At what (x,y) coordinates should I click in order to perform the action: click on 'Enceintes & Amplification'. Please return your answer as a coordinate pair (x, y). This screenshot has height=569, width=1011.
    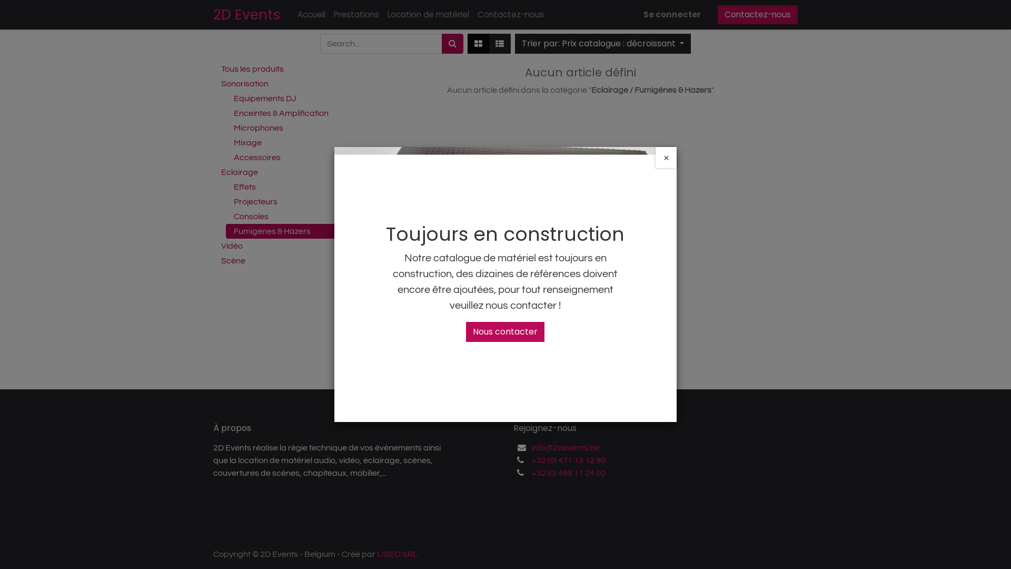
    Looking at the image, I should click on (225, 113).